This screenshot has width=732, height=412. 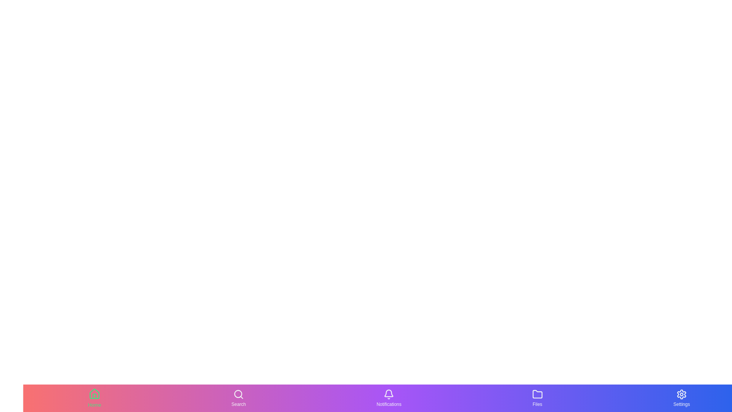 I want to click on the Settings tab button to navigate to the corresponding section, so click(x=682, y=398).